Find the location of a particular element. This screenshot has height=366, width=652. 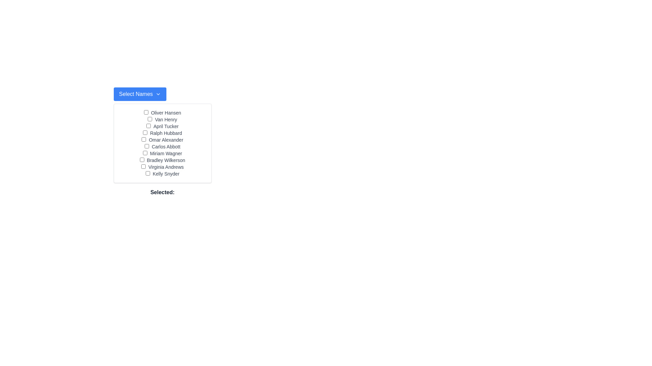

the text label that corresponds to the checkbox for 'Miriam Wagner', which is the seventh item in a vertical list of names, located between 'Carlos Abbott' and 'Bradley Wilkerson' is located at coordinates (162, 153).